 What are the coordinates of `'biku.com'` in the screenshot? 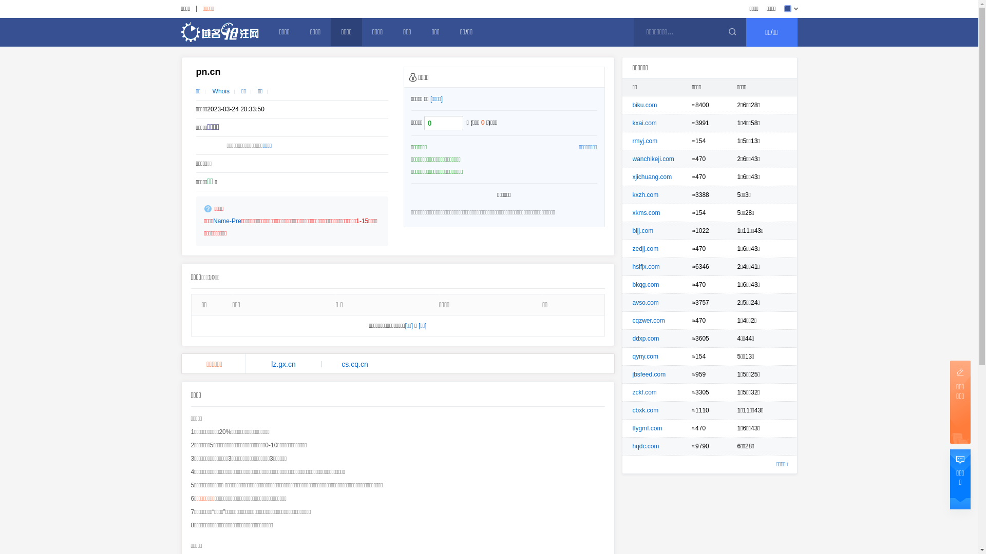 It's located at (644, 105).